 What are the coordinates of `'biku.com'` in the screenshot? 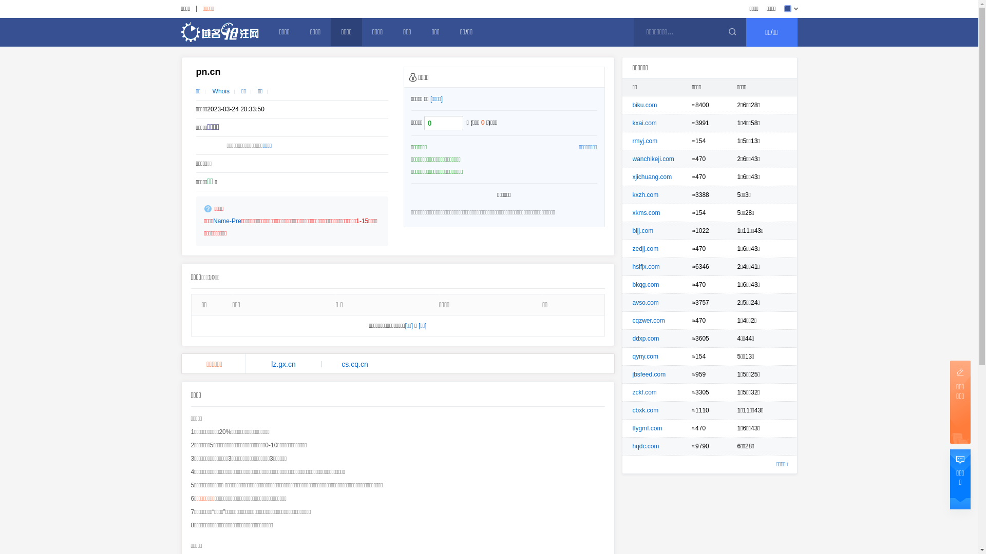 It's located at (644, 105).